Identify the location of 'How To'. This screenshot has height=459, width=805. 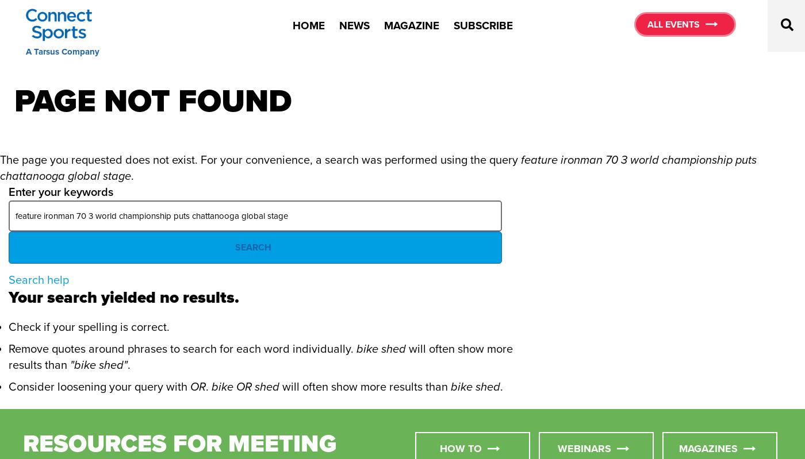
(461, 447).